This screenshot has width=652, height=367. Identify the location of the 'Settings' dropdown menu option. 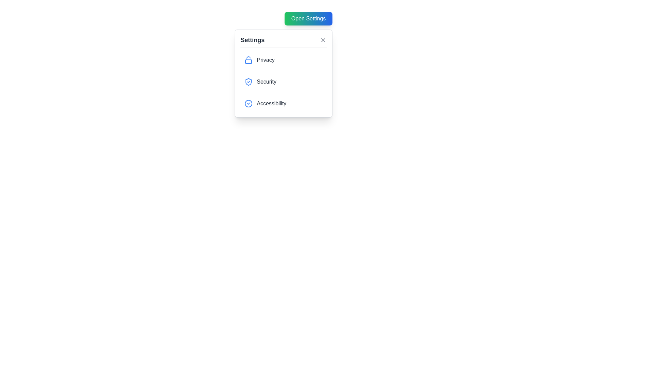
(284, 73).